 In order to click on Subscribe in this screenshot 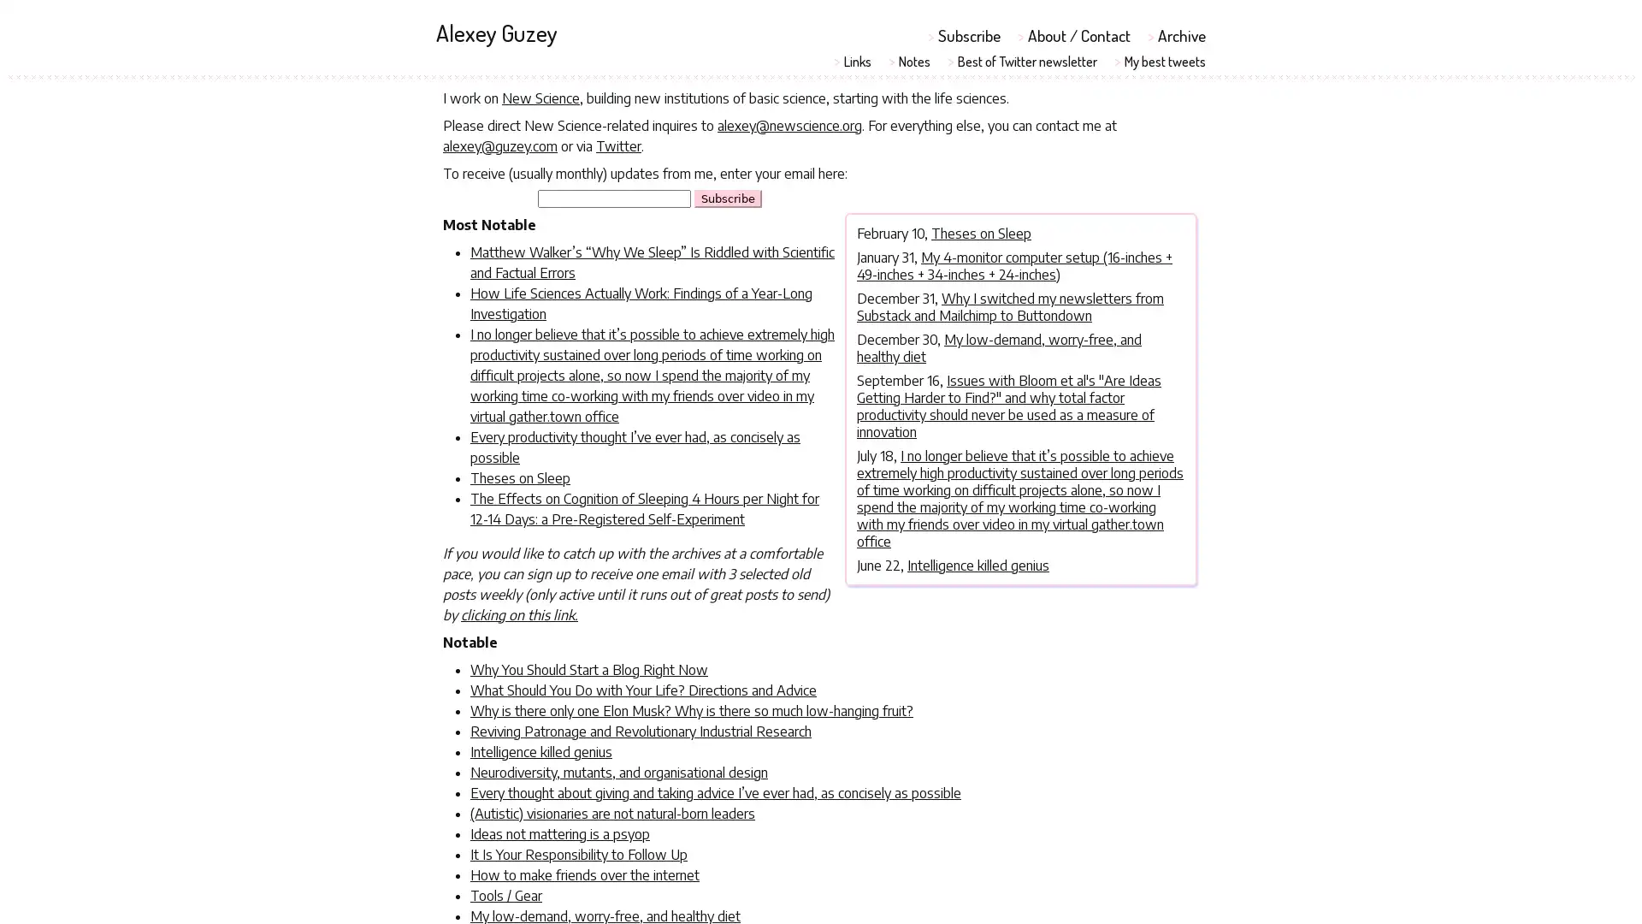, I will do `click(728, 197)`.